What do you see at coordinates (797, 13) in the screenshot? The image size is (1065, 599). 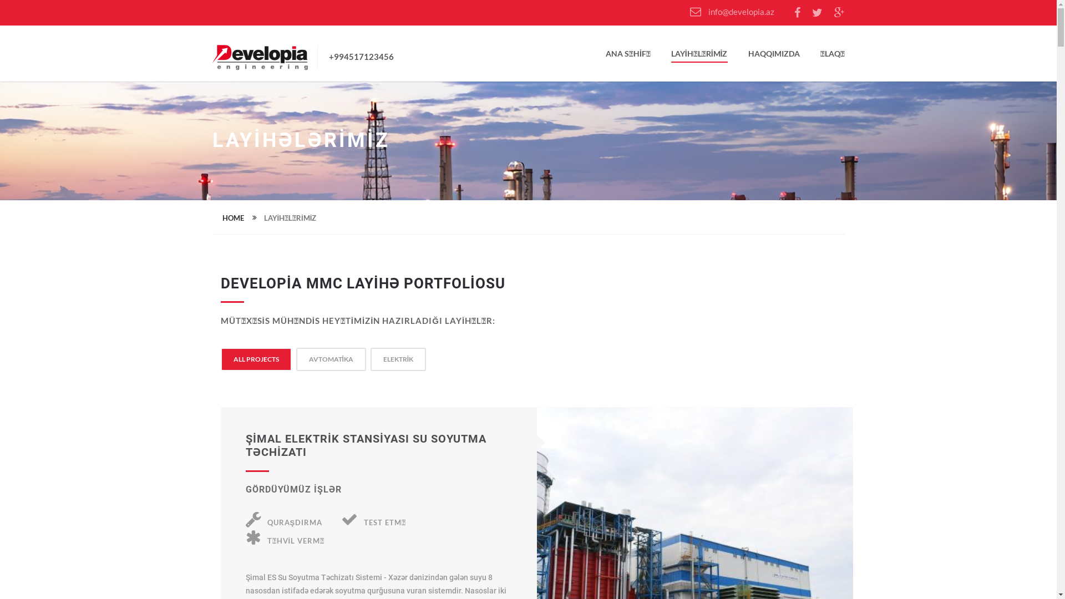 I see `'Facebook'` at bounding box center [797, 13].